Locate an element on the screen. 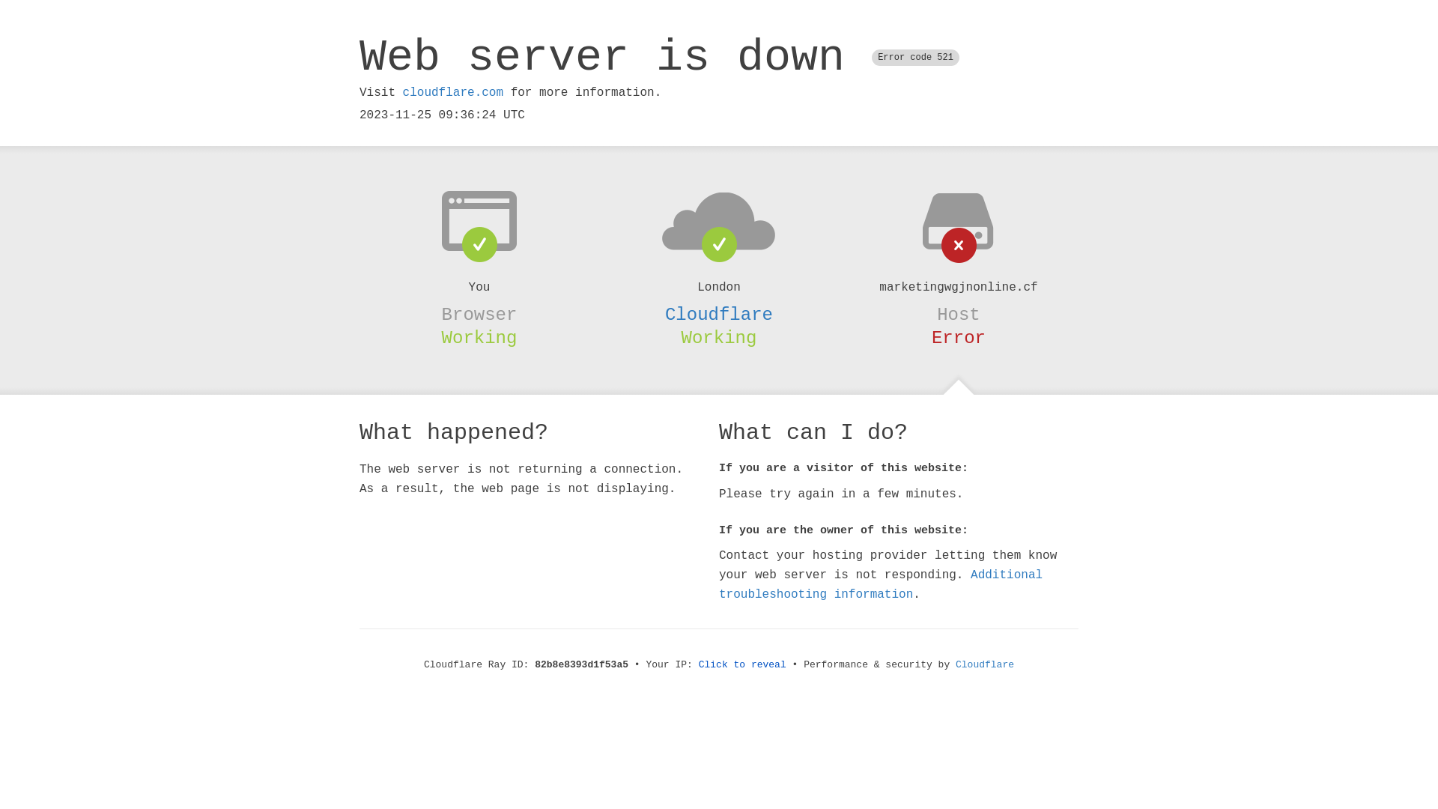  'Additional troubleshooting information' is located at coordinates (881, 584).